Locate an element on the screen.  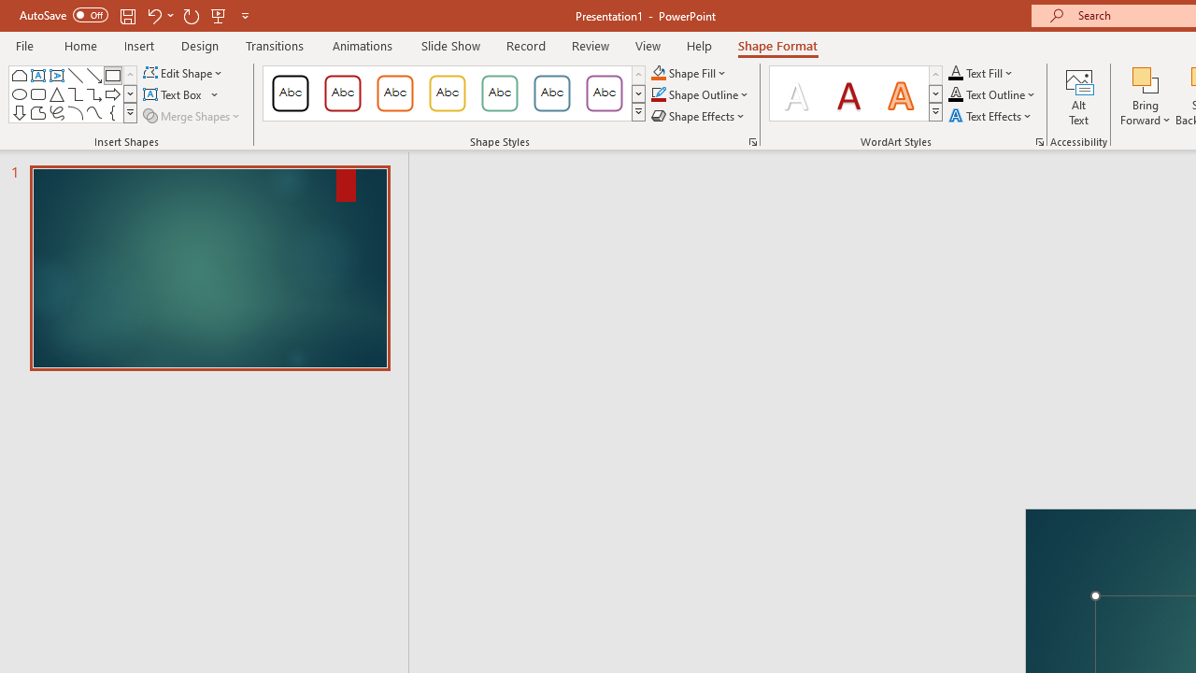
'Text Fill' is located at coordinates (980, 72).